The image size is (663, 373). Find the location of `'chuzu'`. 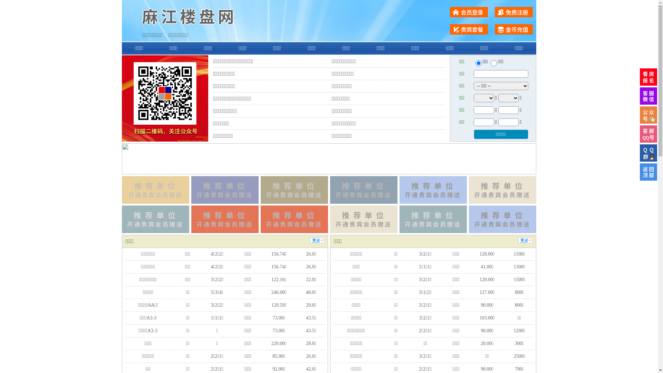

'chuzu' is located at coordinates (493, 63).